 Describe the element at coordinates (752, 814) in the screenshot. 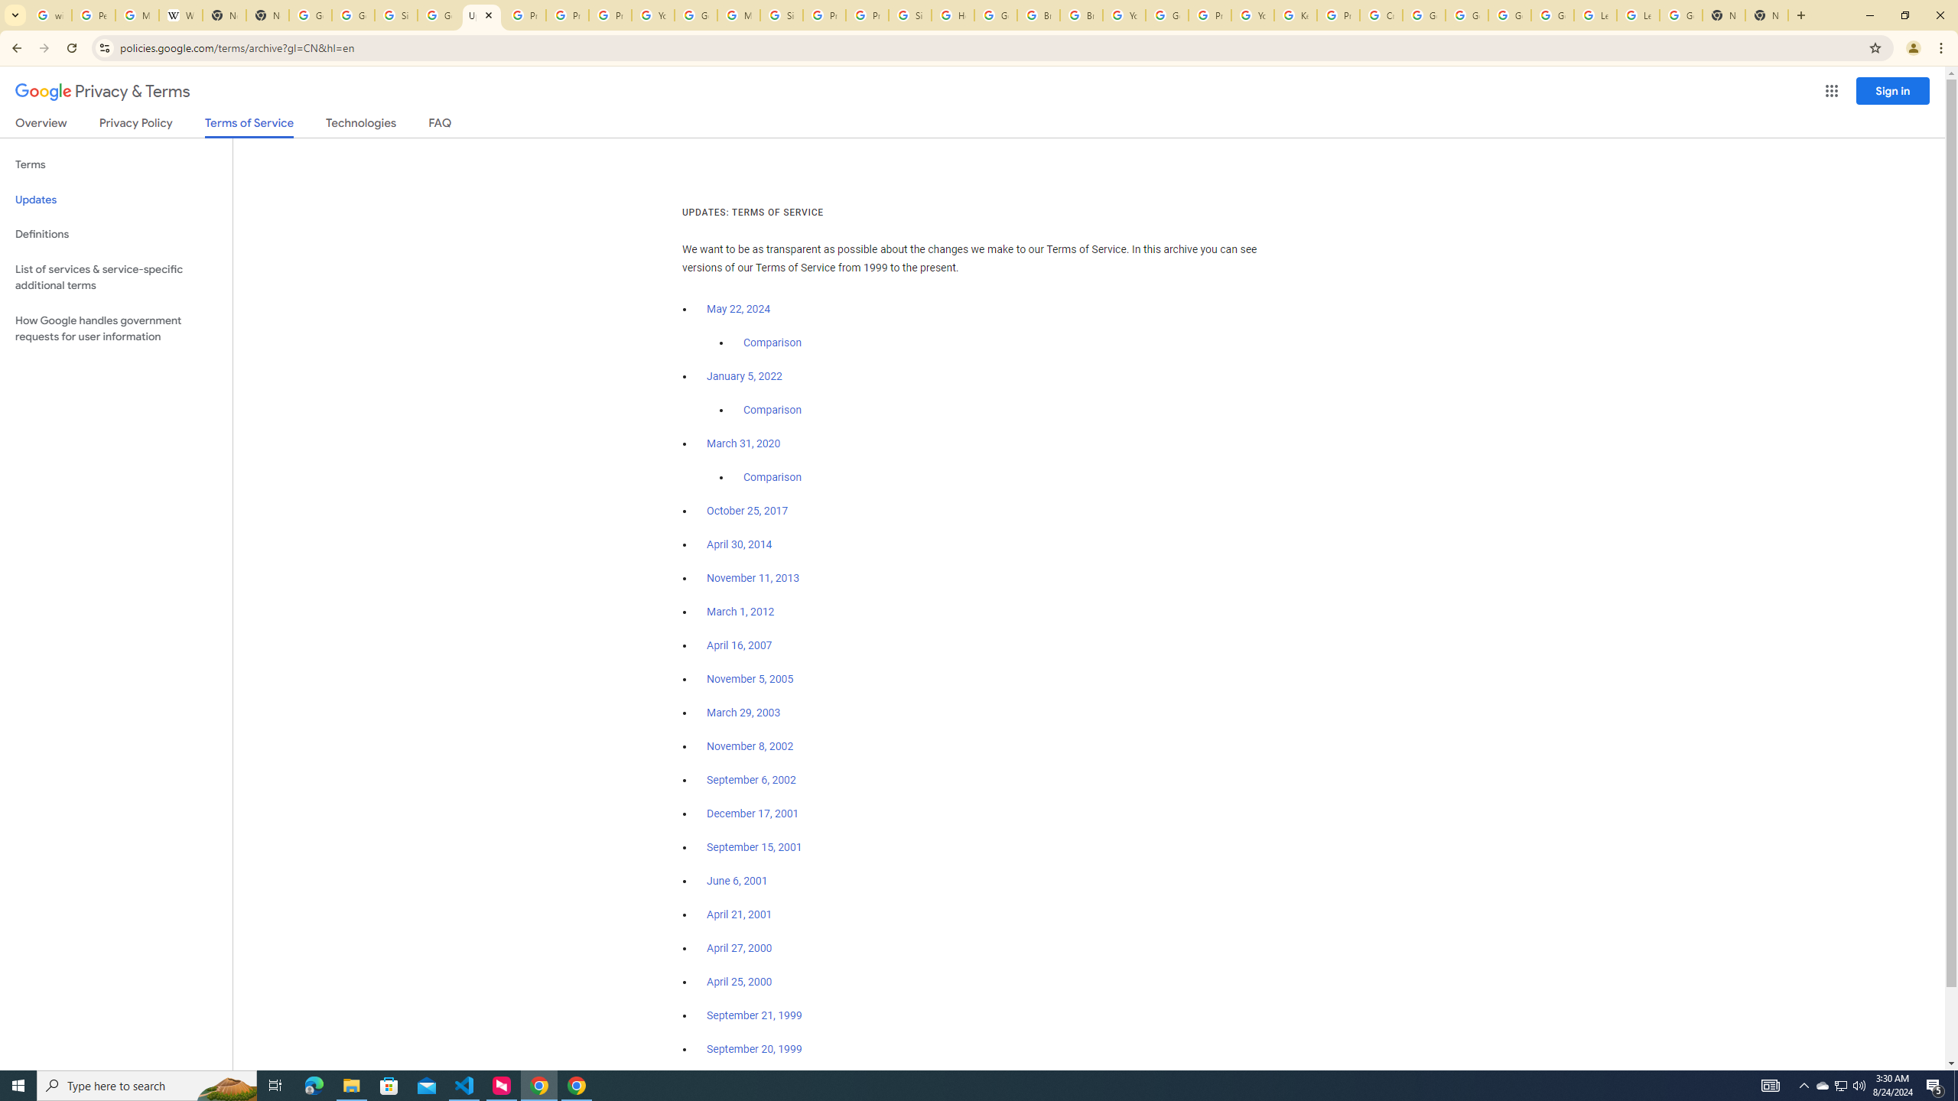

I see `'December 17, 2001'` at that location.